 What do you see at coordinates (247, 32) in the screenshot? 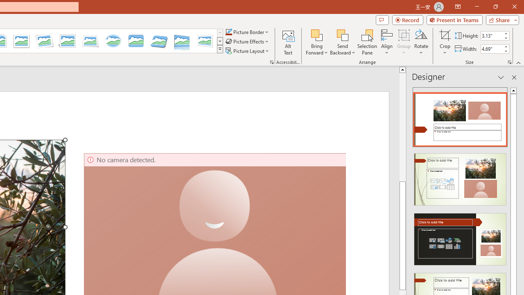
I see `'Picture Border'` at bounding box center [247, 32].